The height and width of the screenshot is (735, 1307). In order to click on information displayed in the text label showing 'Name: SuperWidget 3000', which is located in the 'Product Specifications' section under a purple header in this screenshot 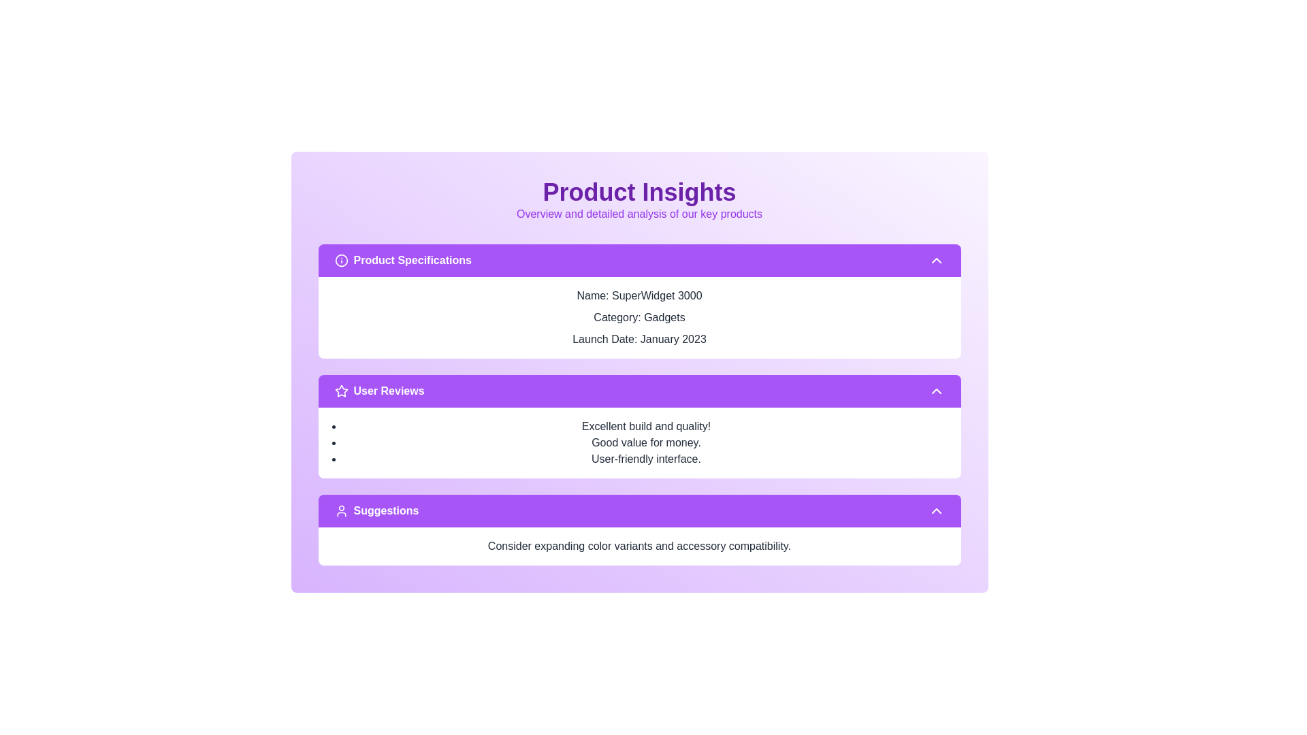, I will do `click(639, 295)`.